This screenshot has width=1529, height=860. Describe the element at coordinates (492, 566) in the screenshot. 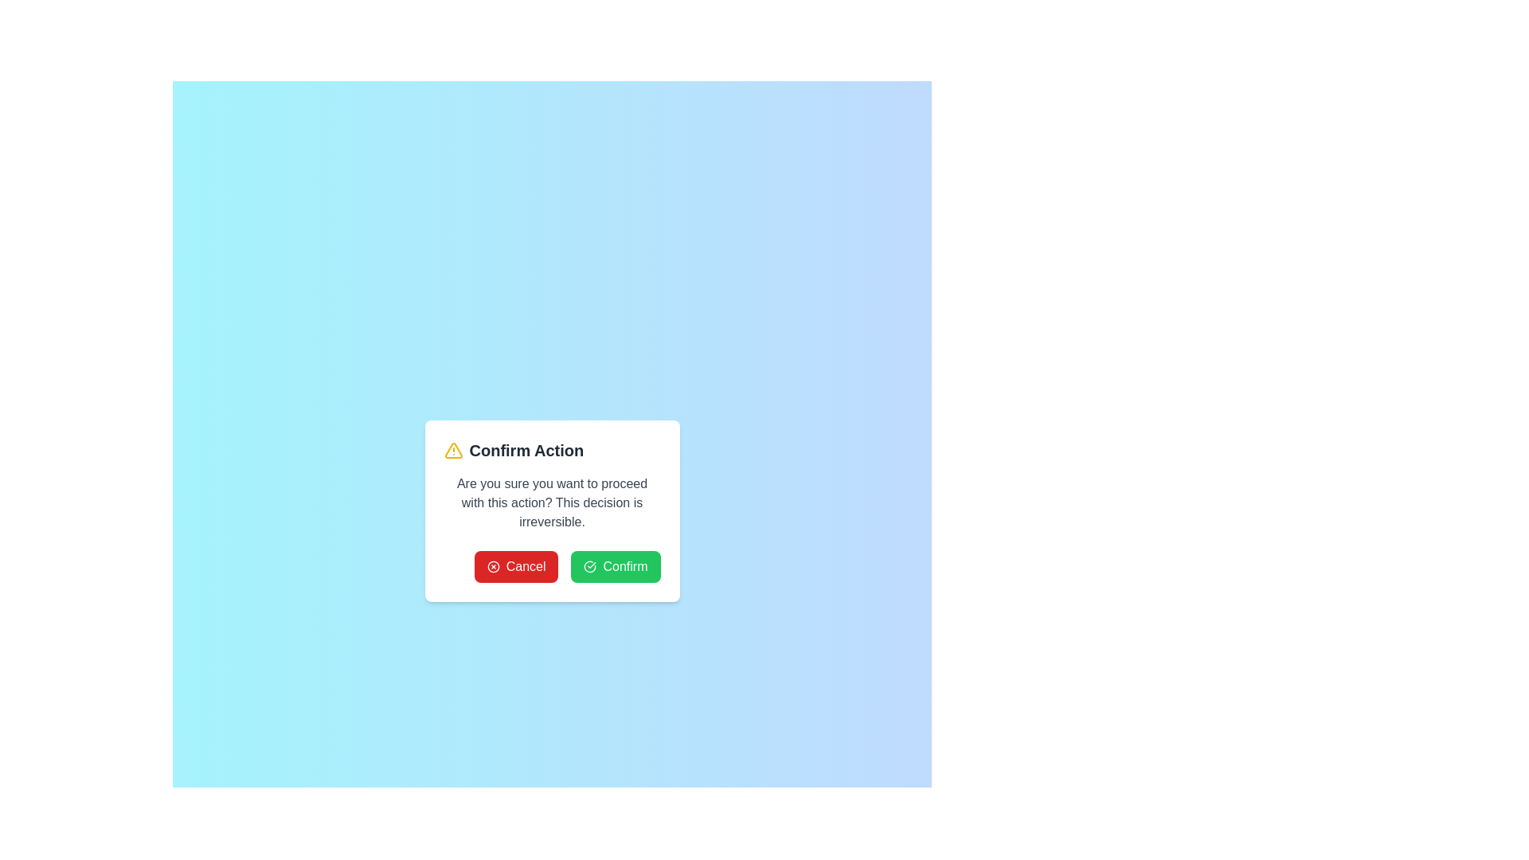

I see `the 'Cancel' icon located to the left of the 'Cancel' button in the lower-left section of the 'Confirm Action' dialog box` at that location.